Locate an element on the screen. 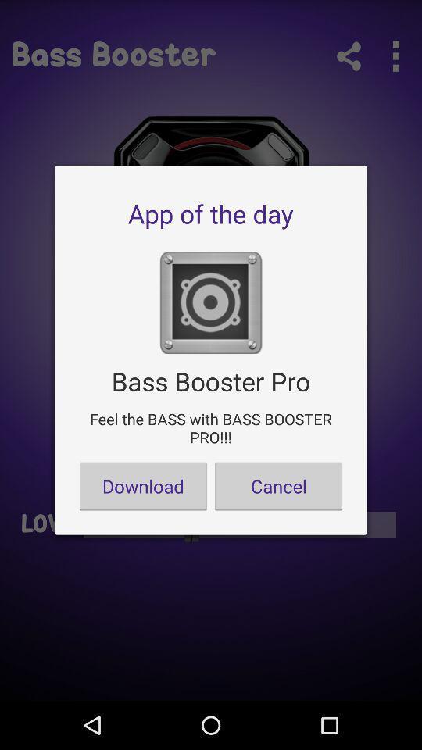 The image size is (422, 750). the button to the right of download item is located at coordinates (277, 485).